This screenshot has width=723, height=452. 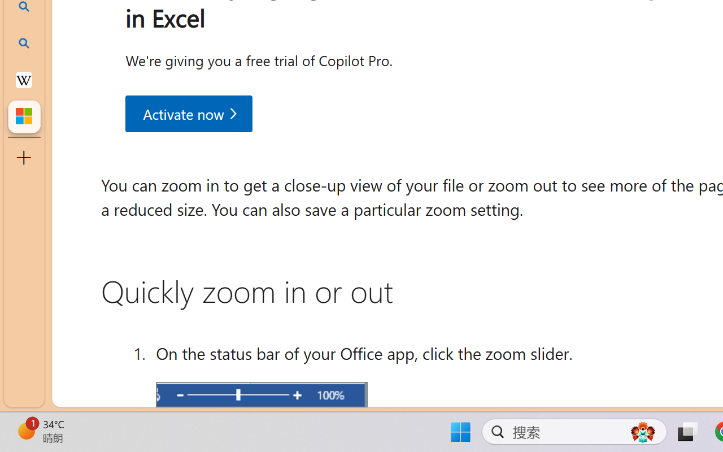 I want to click on 'Earth - Wikipedia', so click(x=24, y=79).